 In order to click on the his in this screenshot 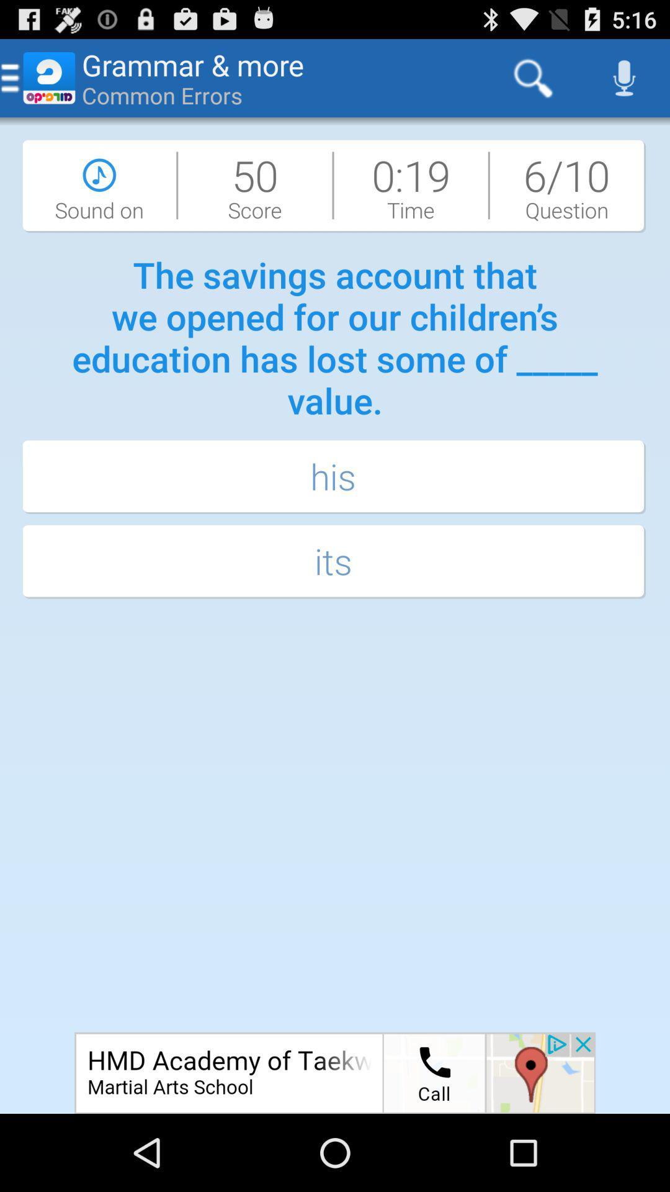, I will do `click(335, 477)`.